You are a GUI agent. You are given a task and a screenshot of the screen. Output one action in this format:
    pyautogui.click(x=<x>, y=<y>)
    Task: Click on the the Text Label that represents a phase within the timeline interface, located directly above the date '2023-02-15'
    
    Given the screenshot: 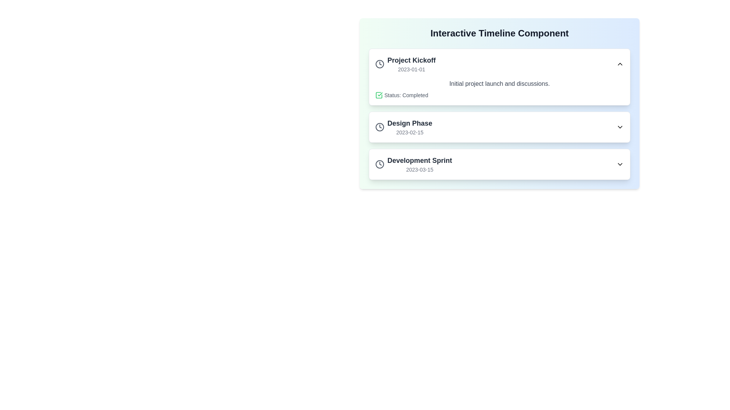 What is the action you would take?
    pyautogui.click(x=409, y=123)
    